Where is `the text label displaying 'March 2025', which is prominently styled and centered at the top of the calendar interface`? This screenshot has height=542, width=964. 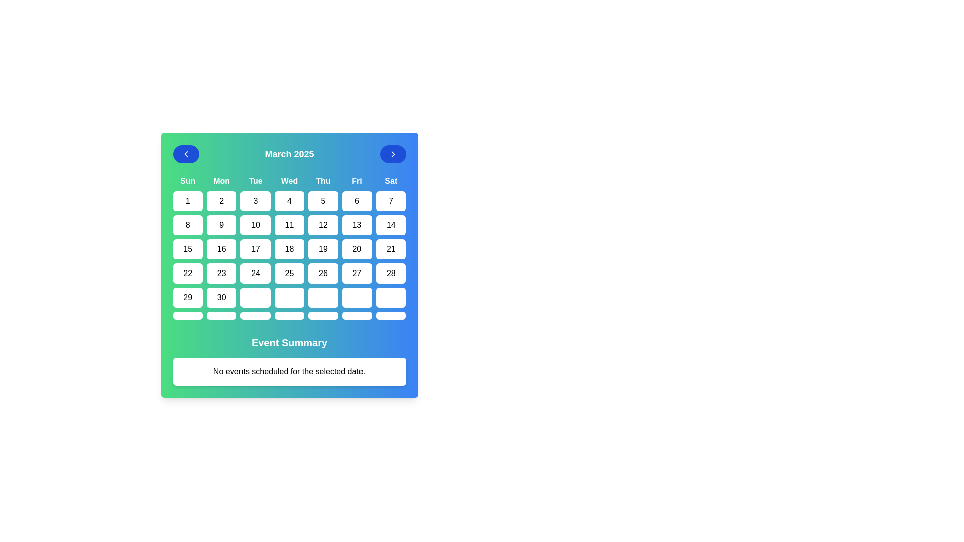
the text label displaying 'March 2025', which is prominently styled and centered at the top of the calendar interface is located at coordinates (289, 154).